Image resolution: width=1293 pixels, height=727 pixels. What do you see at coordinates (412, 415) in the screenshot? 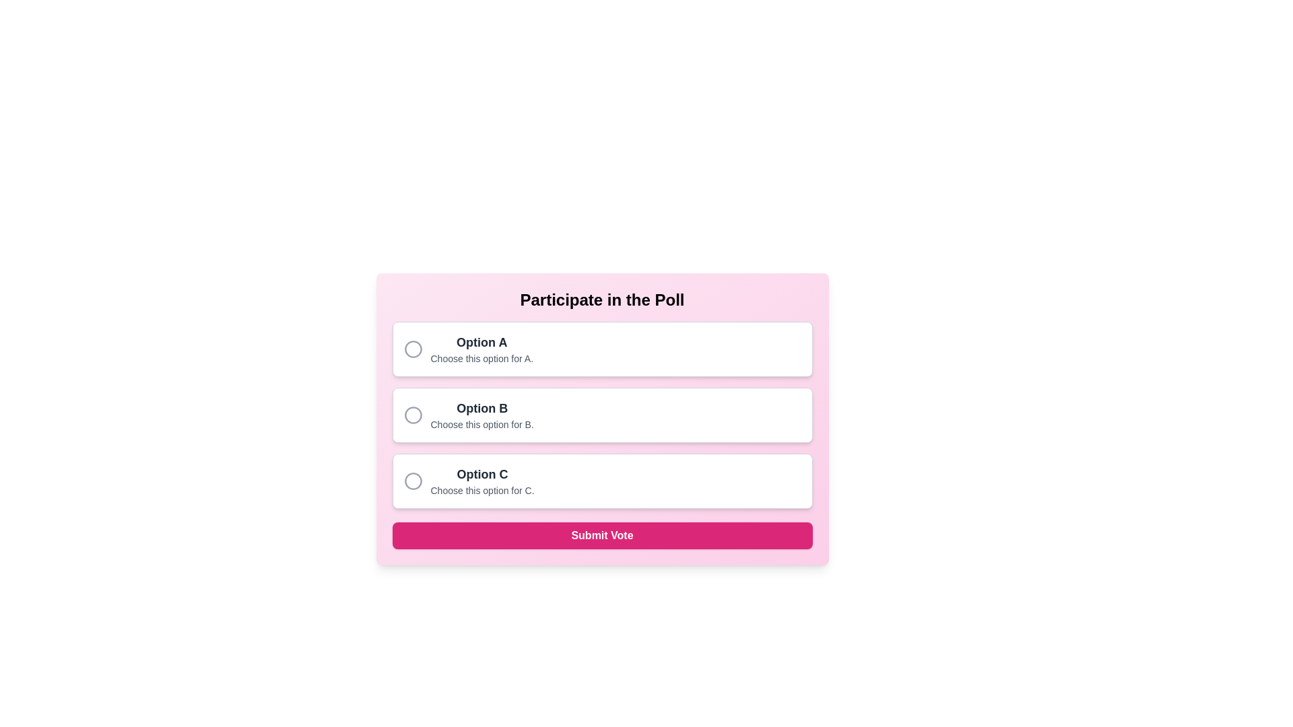
I see `the inner filled circle of the radio button labeled 'Option B' in the poll` at bounding box center [412, 415].